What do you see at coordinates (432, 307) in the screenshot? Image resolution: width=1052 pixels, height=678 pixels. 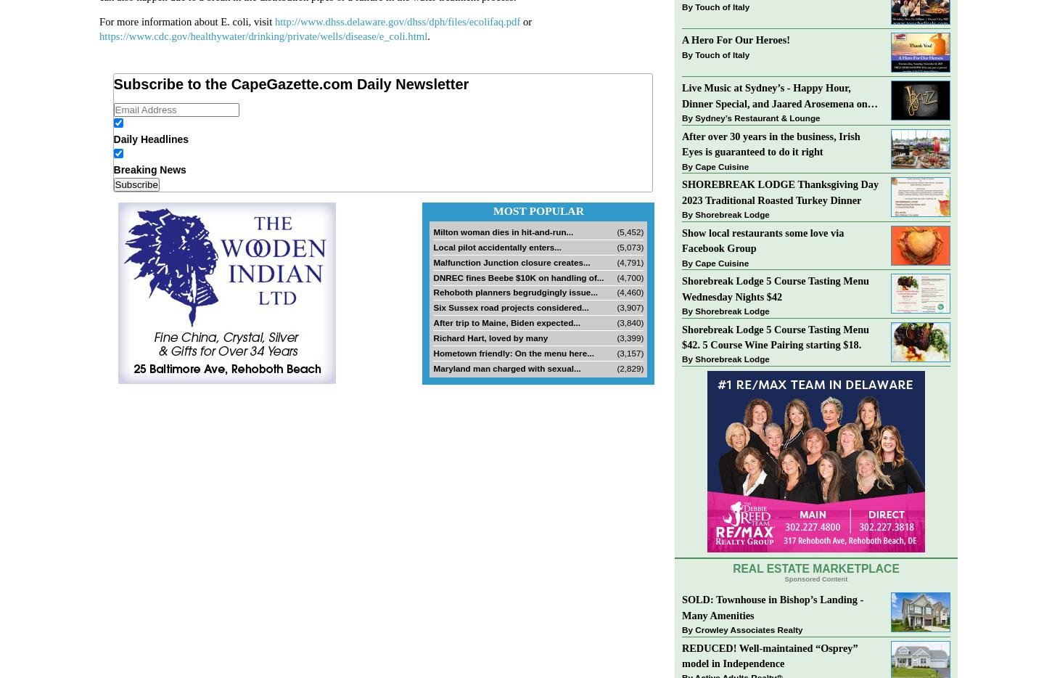 I see `'Six Sussex road projects considered...'` at bounding box center [432, 307].